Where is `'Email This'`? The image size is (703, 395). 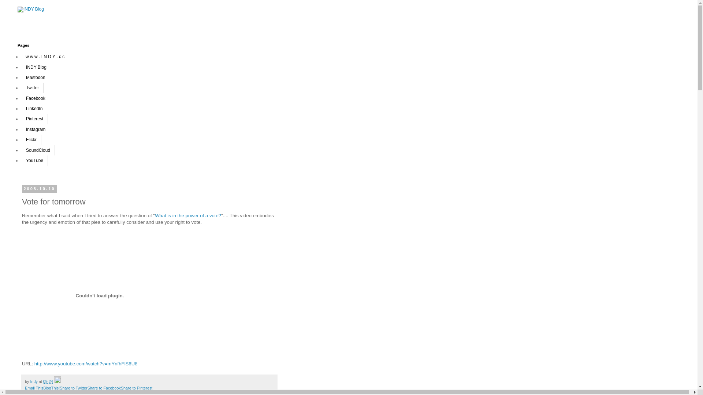
'Email This' is located at coordinates (25, 387).